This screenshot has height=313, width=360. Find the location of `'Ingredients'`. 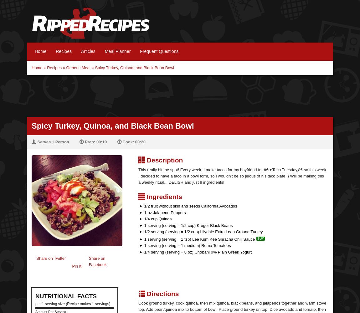

'Ingredients' is located at coordinates (163, 196).